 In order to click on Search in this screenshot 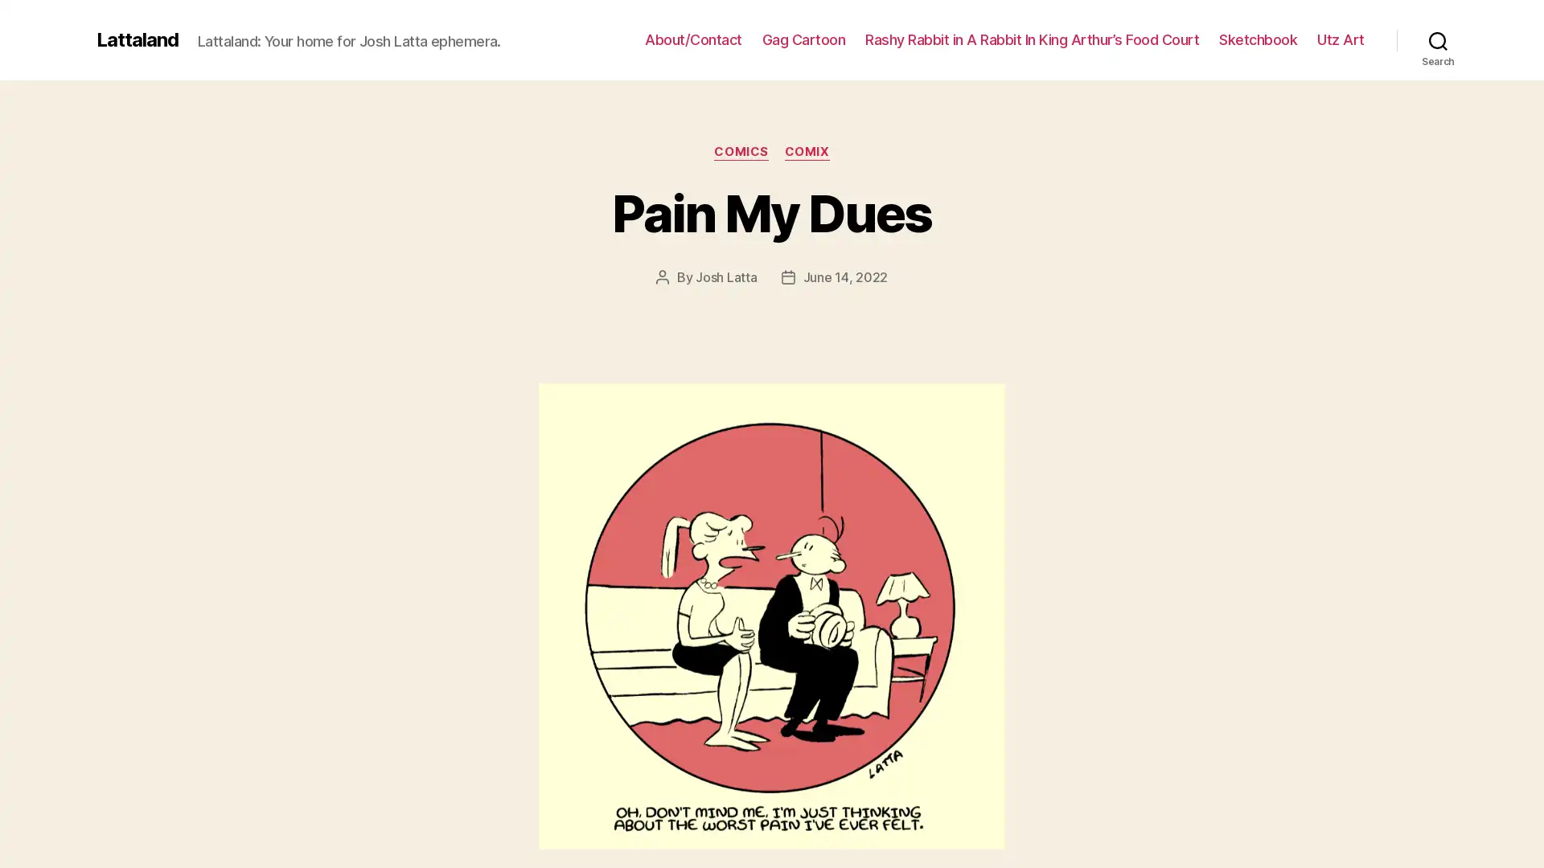, I will do `click(1438, 39)`.